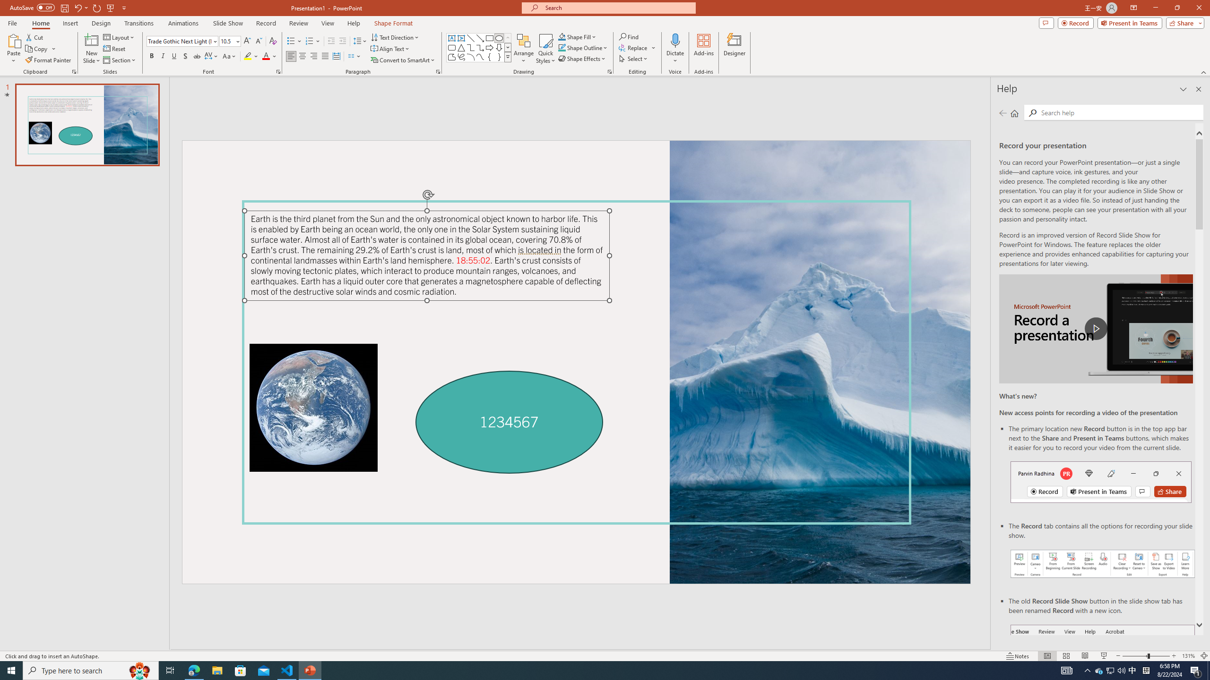 This screenshot has height=680, width=1210. Describe the element at coordinates (1018, 656) in the screenshot. I see `'Notes '` at that location.